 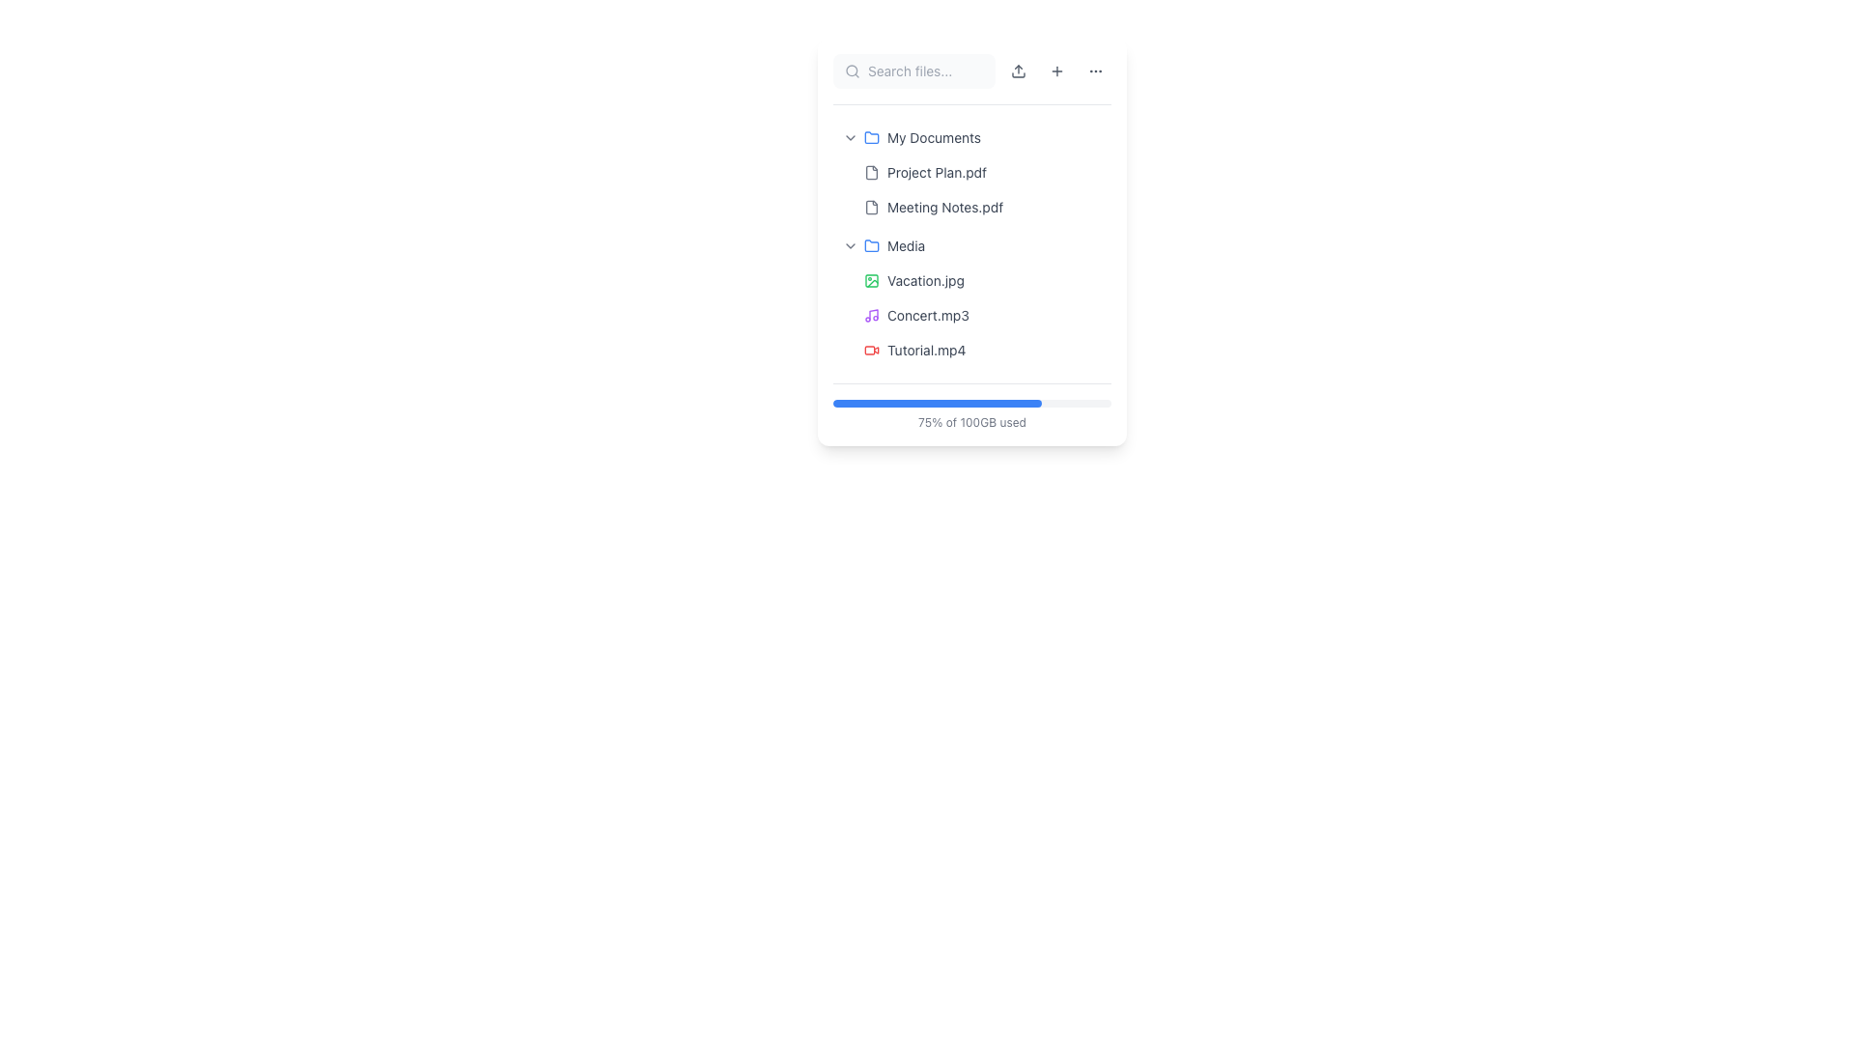 I want to click on the small square button with a plus ('+') icon in the top-right corner of the panel to initiate the creation of a new item, so click(x=1055, y=70).